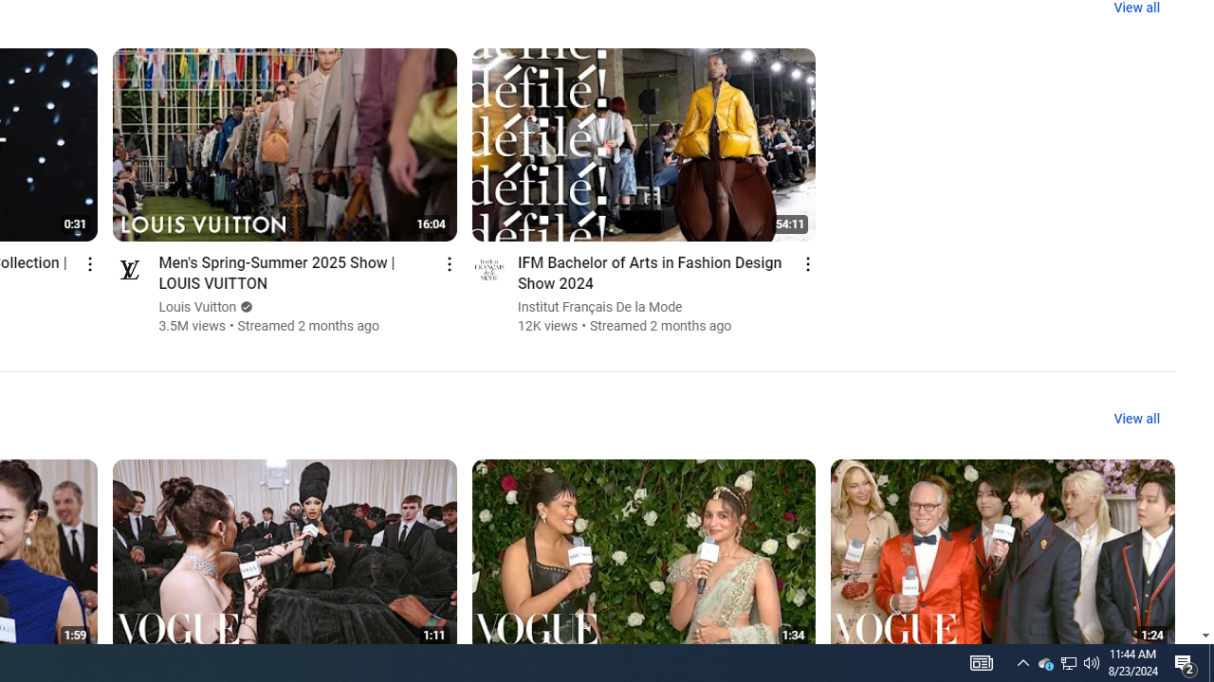 The height and width of the screenshot is (682, 1214). I want to click on 'Louis Vuitton', so click(197, 306).